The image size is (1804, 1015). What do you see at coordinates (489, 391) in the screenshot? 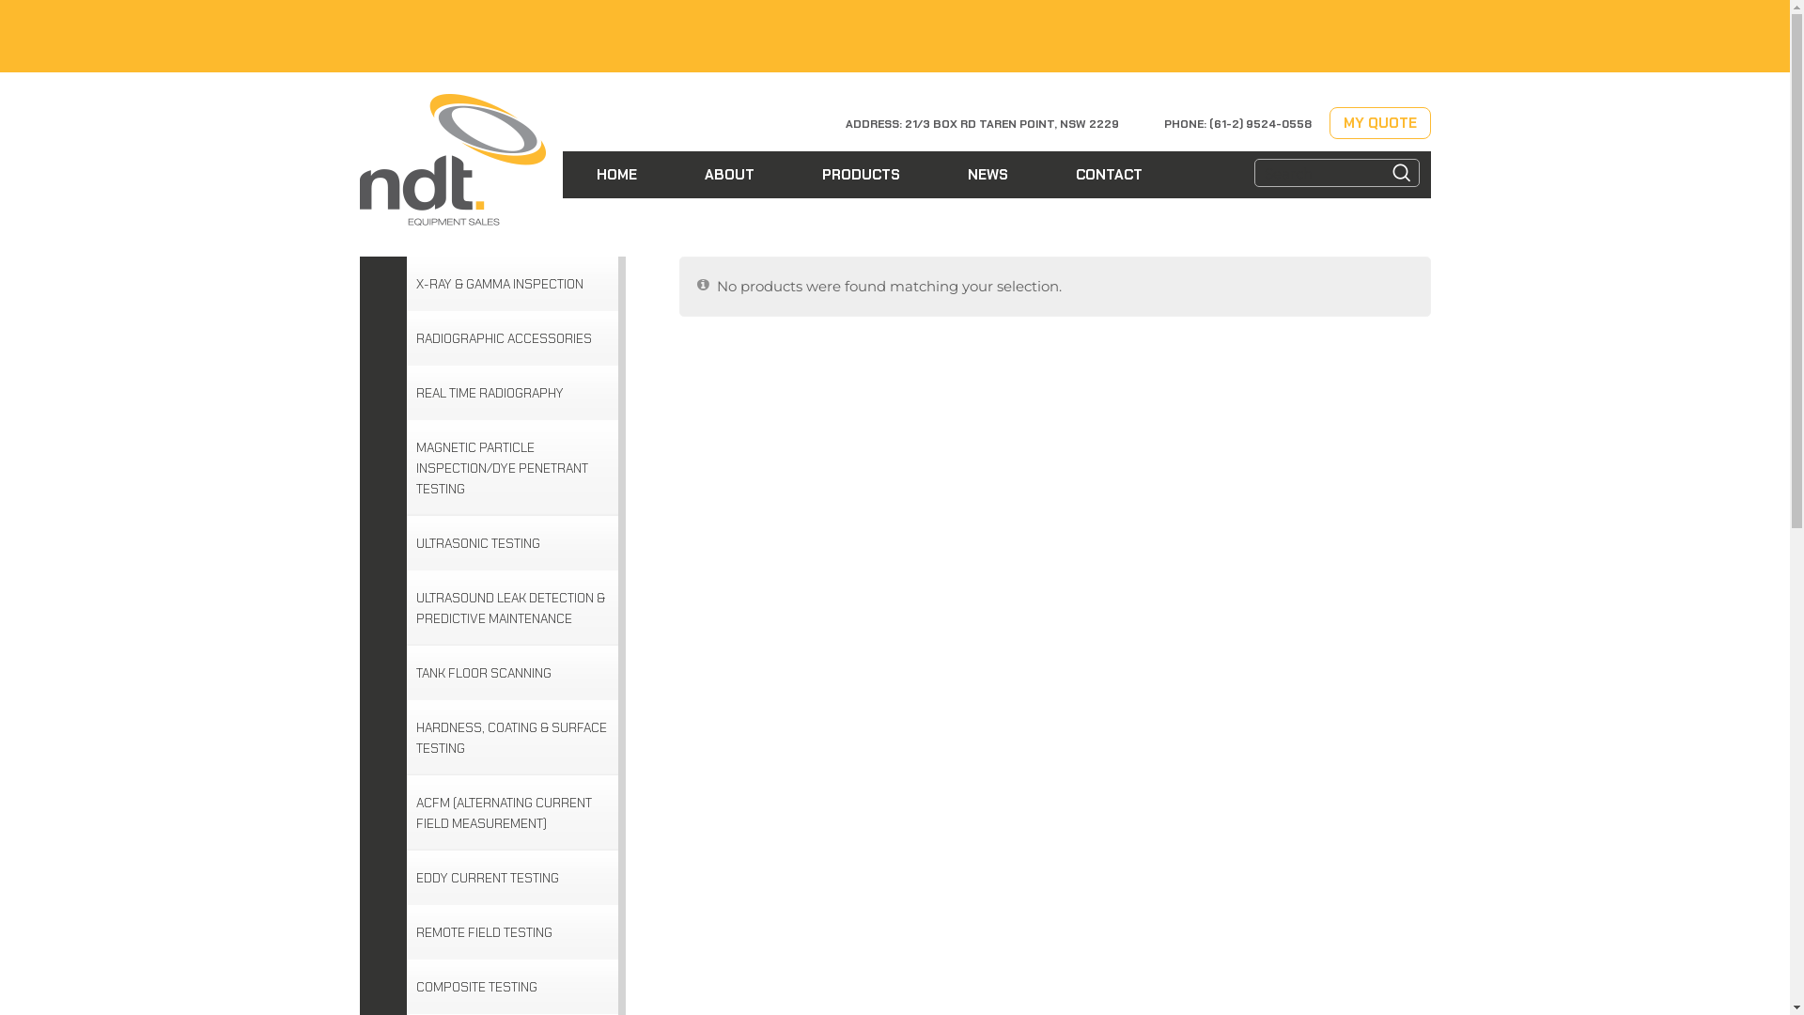
I see `'REAL TIME RADIOGRAPHY'` at bounding box center [489, 391].